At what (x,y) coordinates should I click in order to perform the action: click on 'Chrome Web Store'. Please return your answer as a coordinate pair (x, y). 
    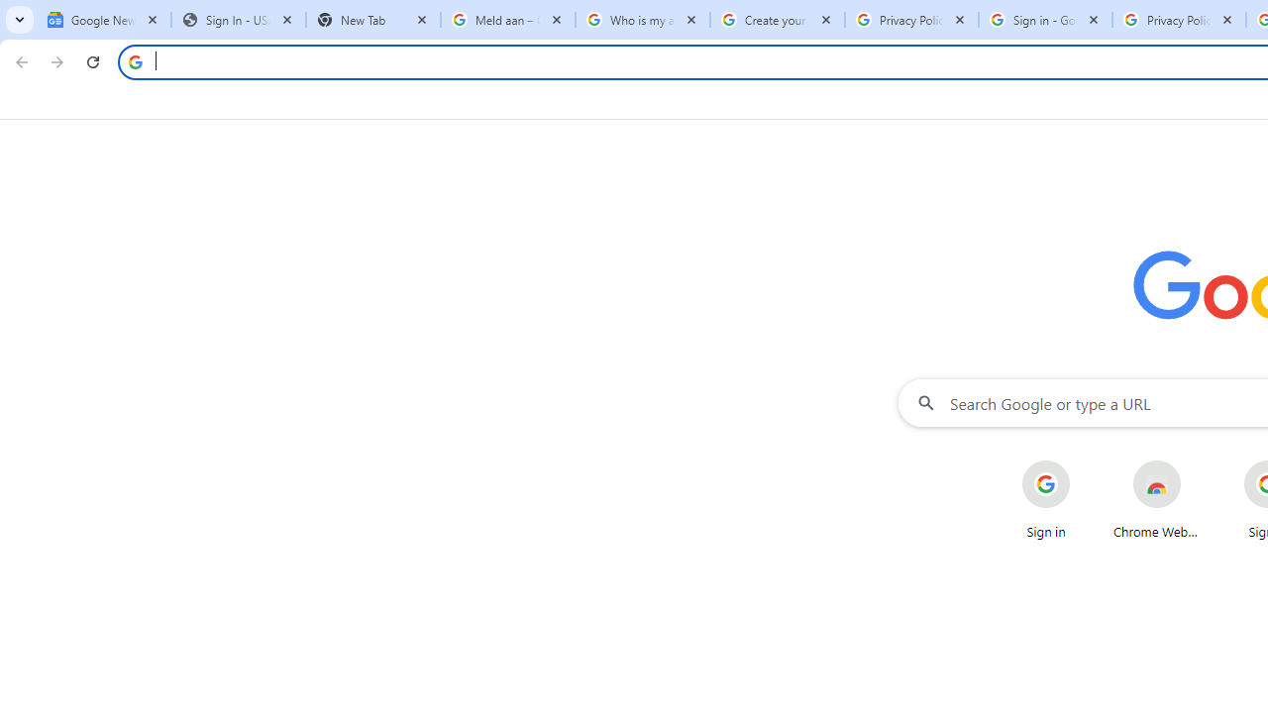
    Looking at the image, I should click on (1157, 499).